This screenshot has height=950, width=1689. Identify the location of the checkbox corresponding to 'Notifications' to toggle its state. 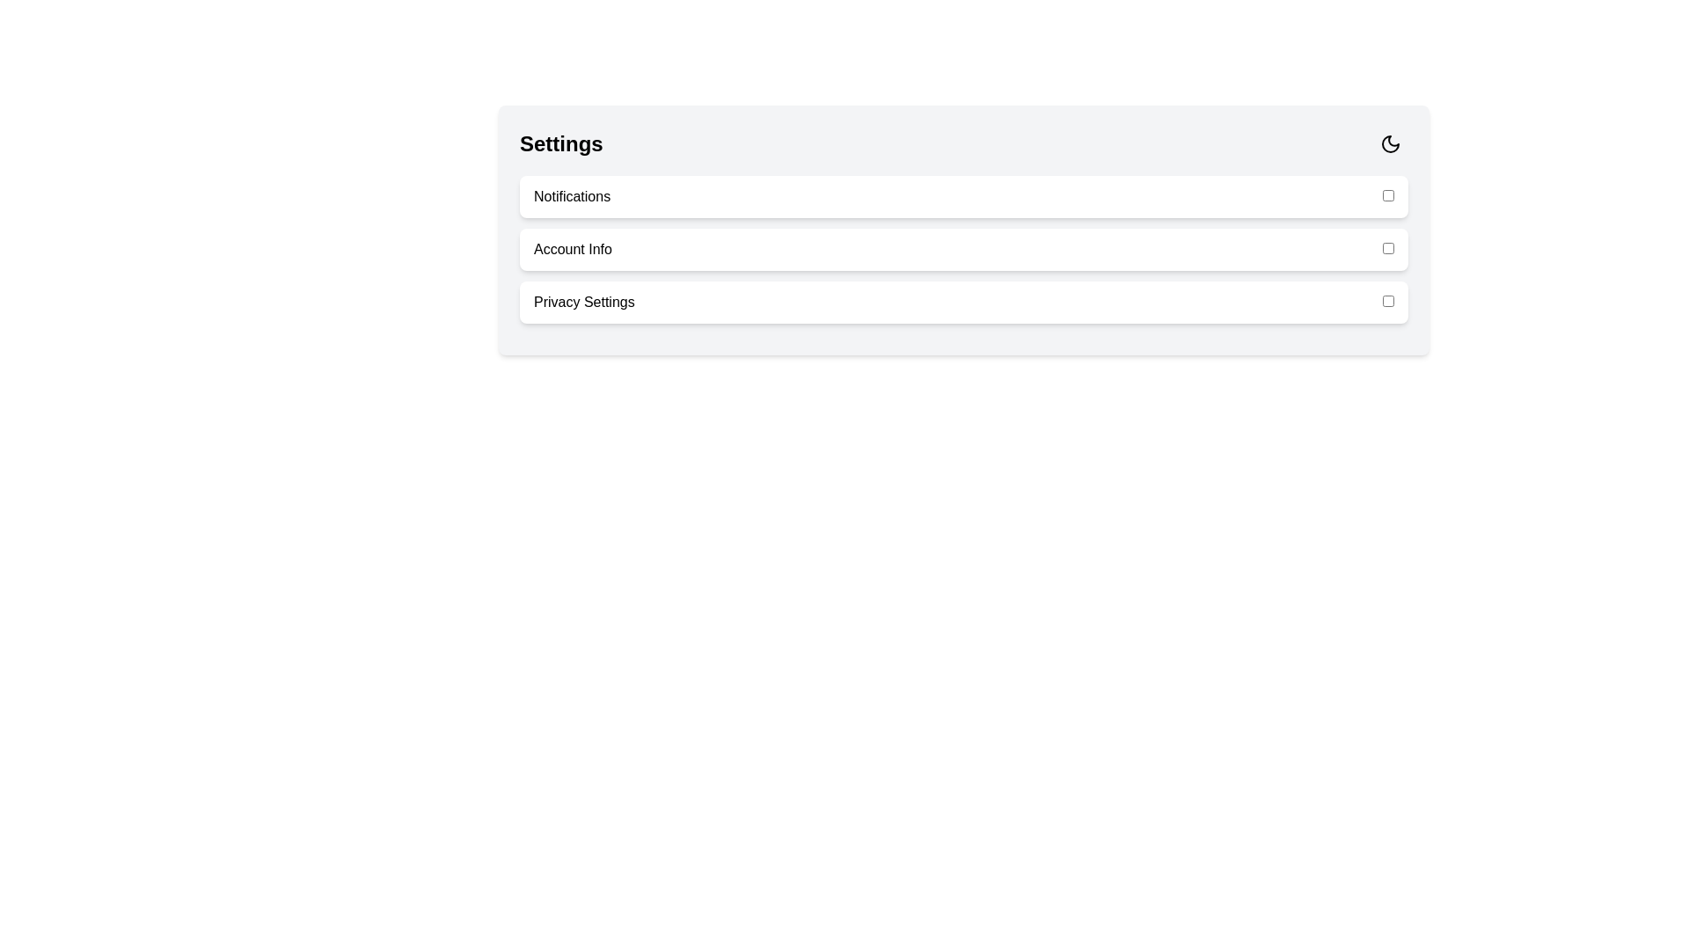
(1387, 195).